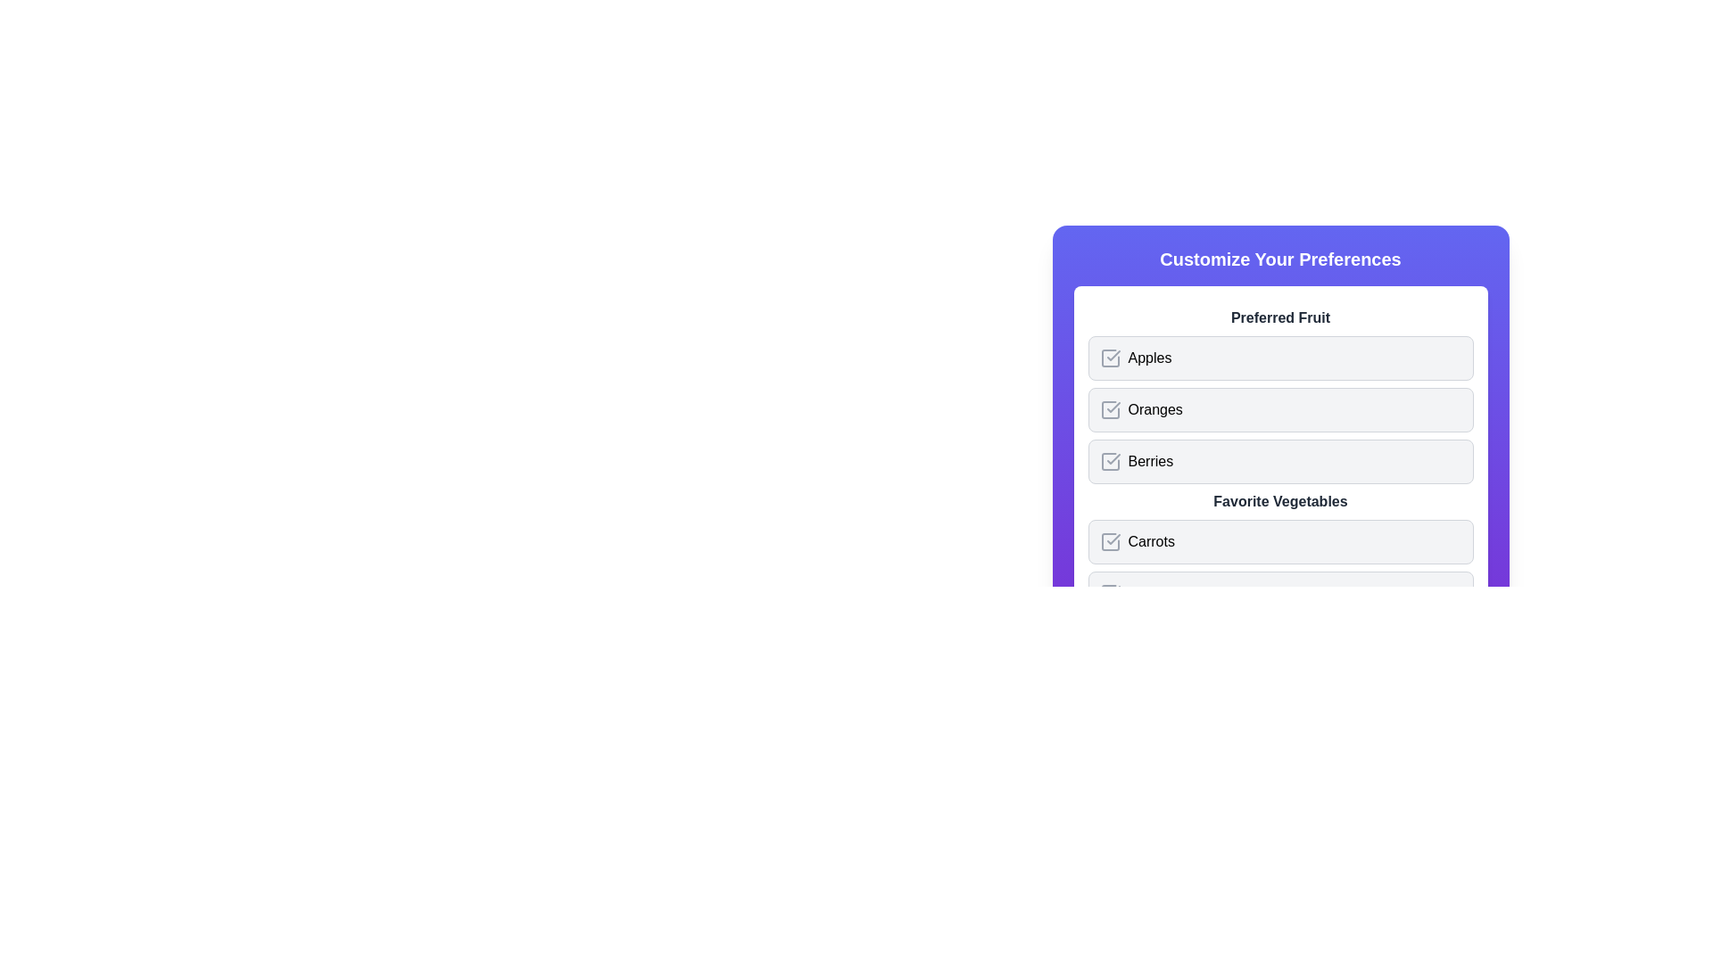 This screenshot has width=1713, height=963. I want to click on the tick icon located in the checkbox area next to the 'Carrots' label in the 'Favorite Vegetables' category, so click(1113, 539).